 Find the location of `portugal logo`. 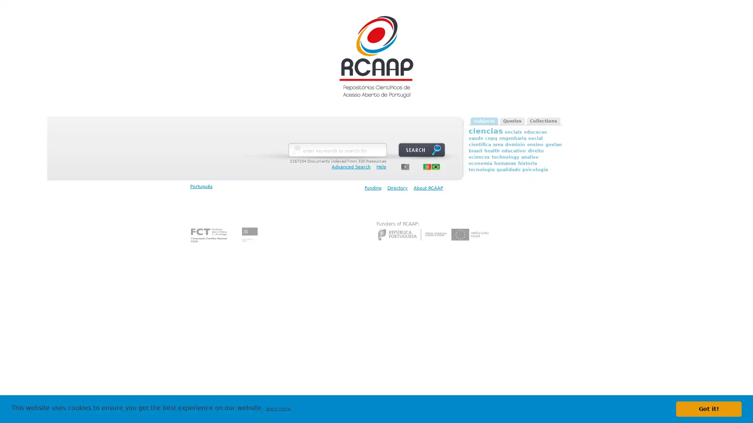

portugal logo is located at coordinates (405, 166).